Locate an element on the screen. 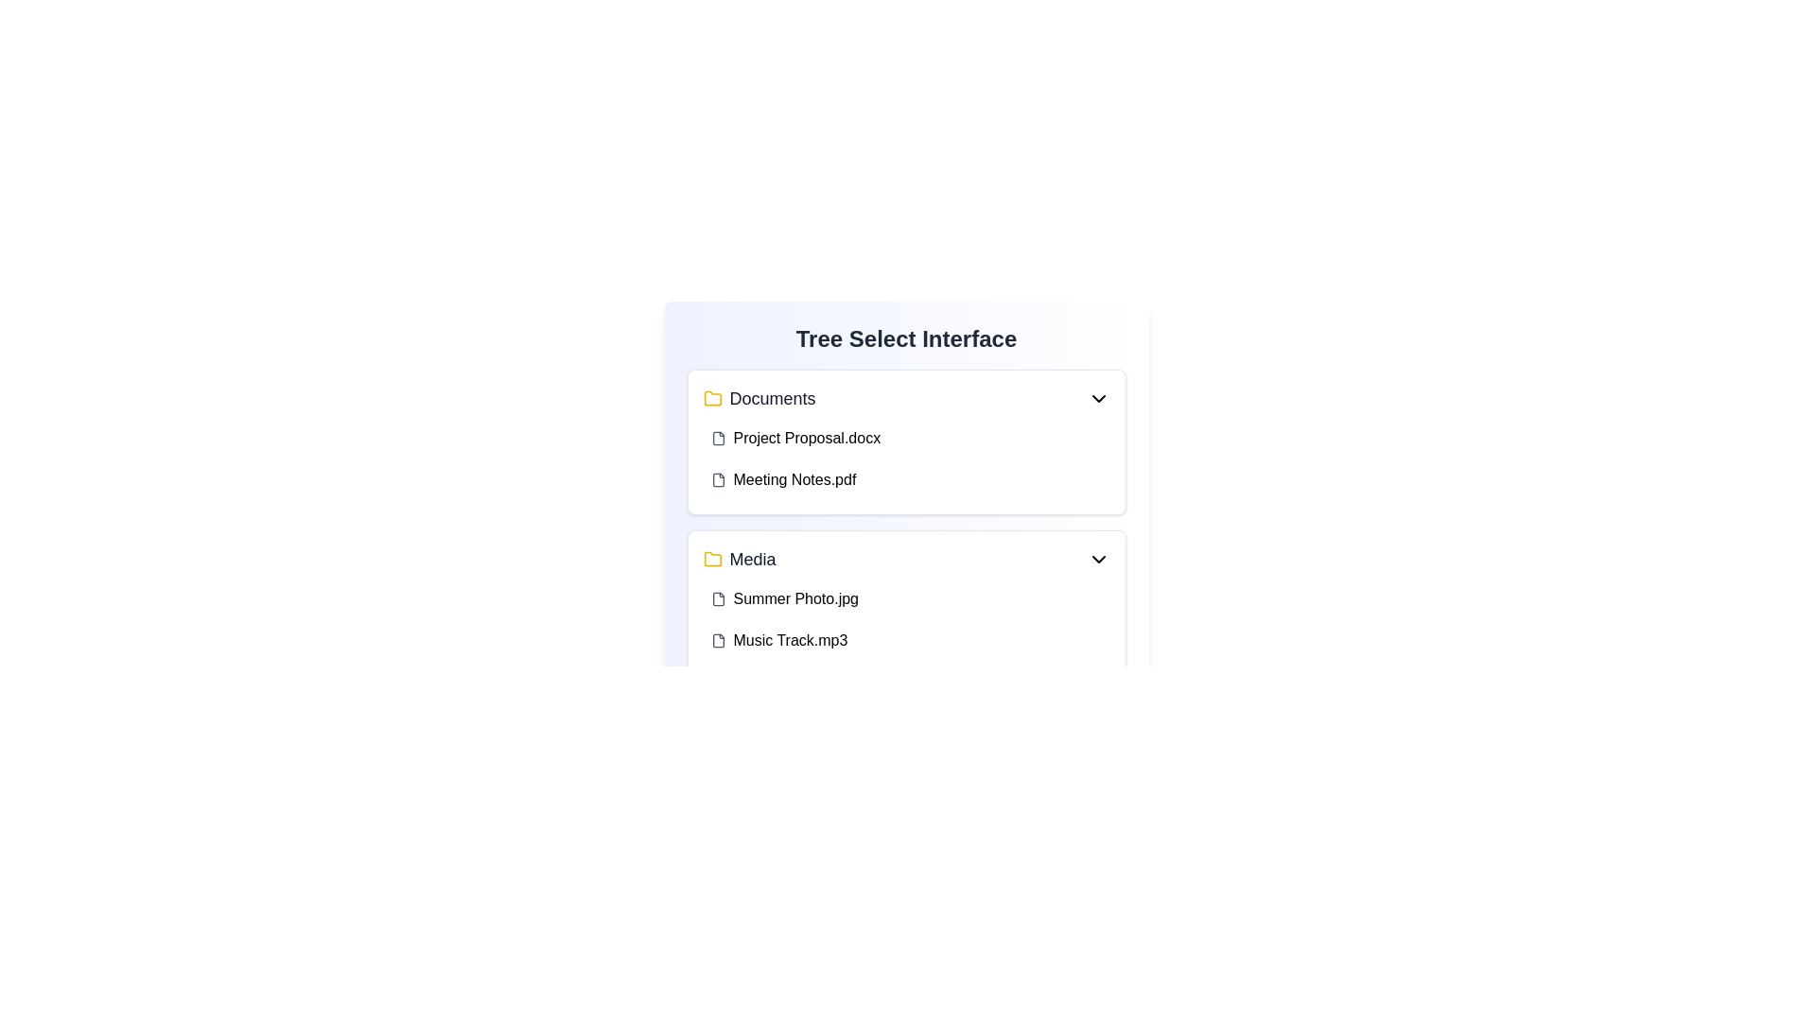  the second list item in the 'Documents' section that displays 'Meeting Notes.pdf' is located at coordinates (905, 479).